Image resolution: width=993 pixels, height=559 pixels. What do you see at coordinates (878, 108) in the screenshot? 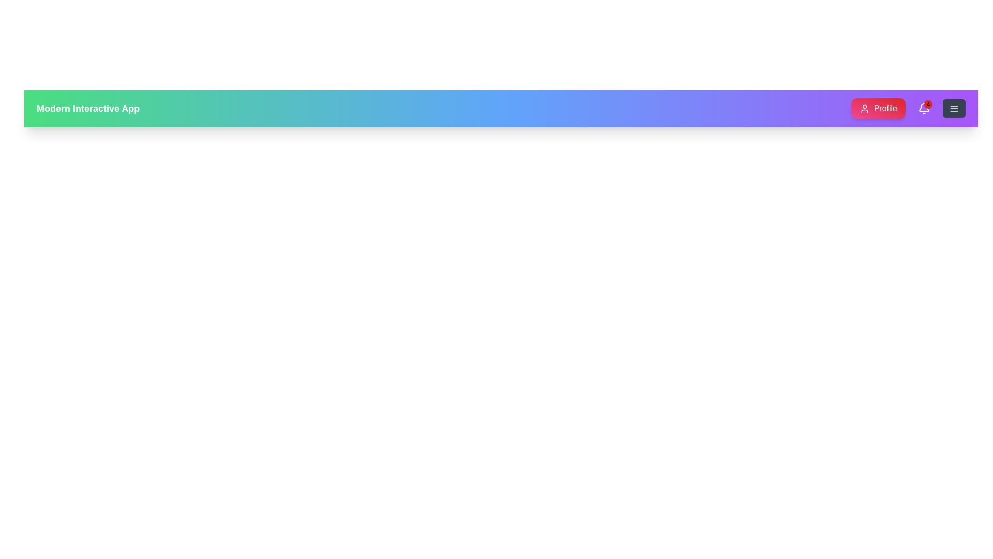
I see `the 'Profile' button to access user profile options` at bounding box center [878, 108].